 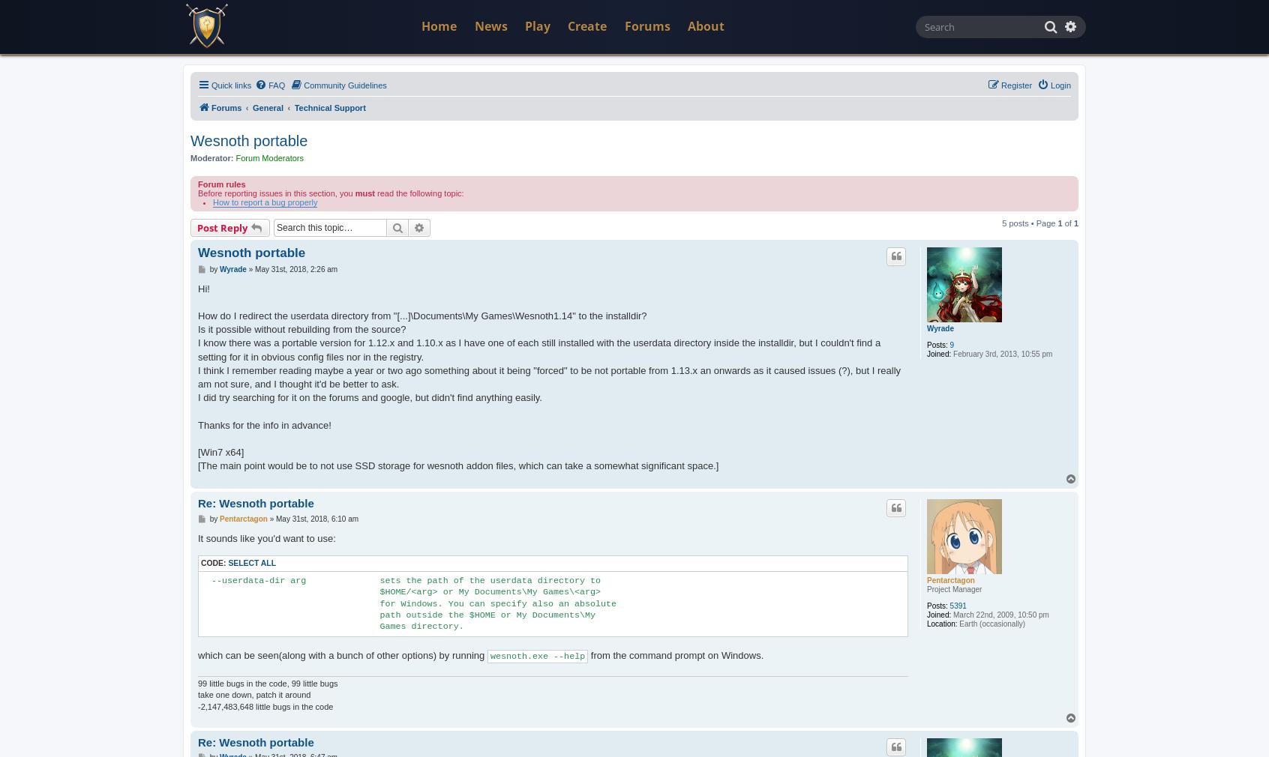 What do you see at coordinates (941, 624) in the screenshot?
I see `'Location:'` at bounding box center [941, 624].